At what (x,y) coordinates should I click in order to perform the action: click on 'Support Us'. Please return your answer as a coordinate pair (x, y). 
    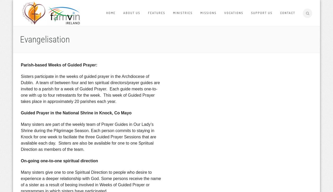
    Looking at the image, I should click on (261, 13).